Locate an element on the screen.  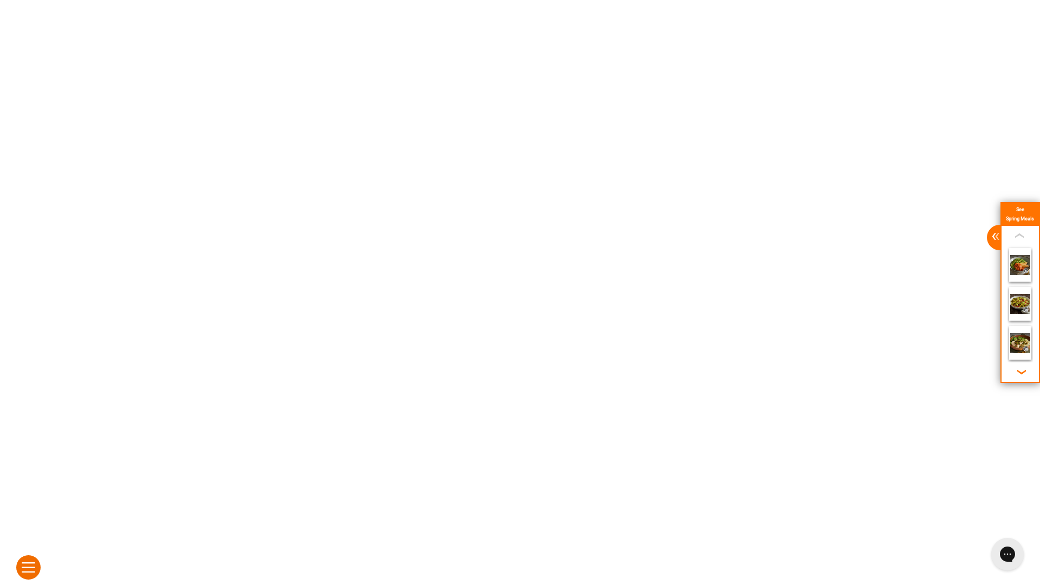
'Gorgias live chat messenger' is located at coordinates (985, 554).